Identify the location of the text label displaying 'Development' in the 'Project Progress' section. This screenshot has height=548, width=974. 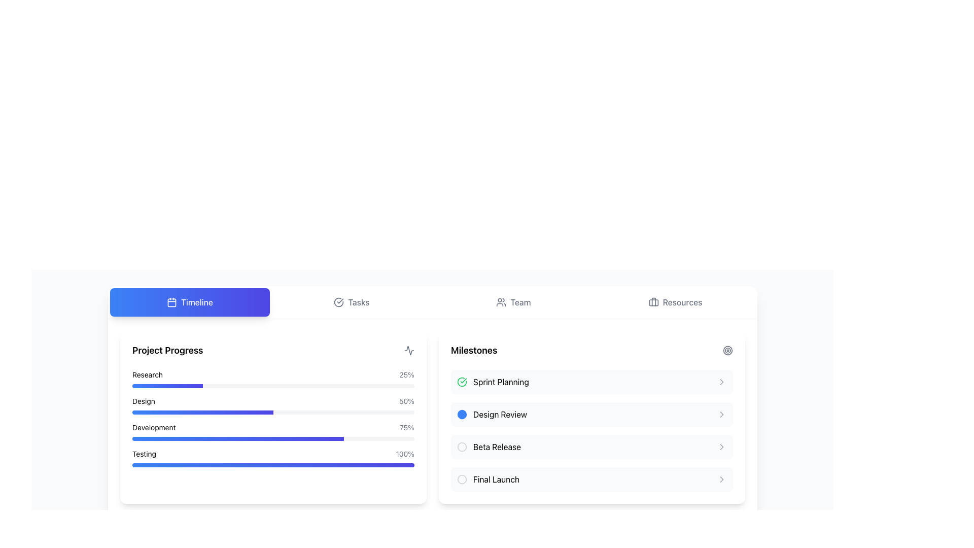
(153, 428).